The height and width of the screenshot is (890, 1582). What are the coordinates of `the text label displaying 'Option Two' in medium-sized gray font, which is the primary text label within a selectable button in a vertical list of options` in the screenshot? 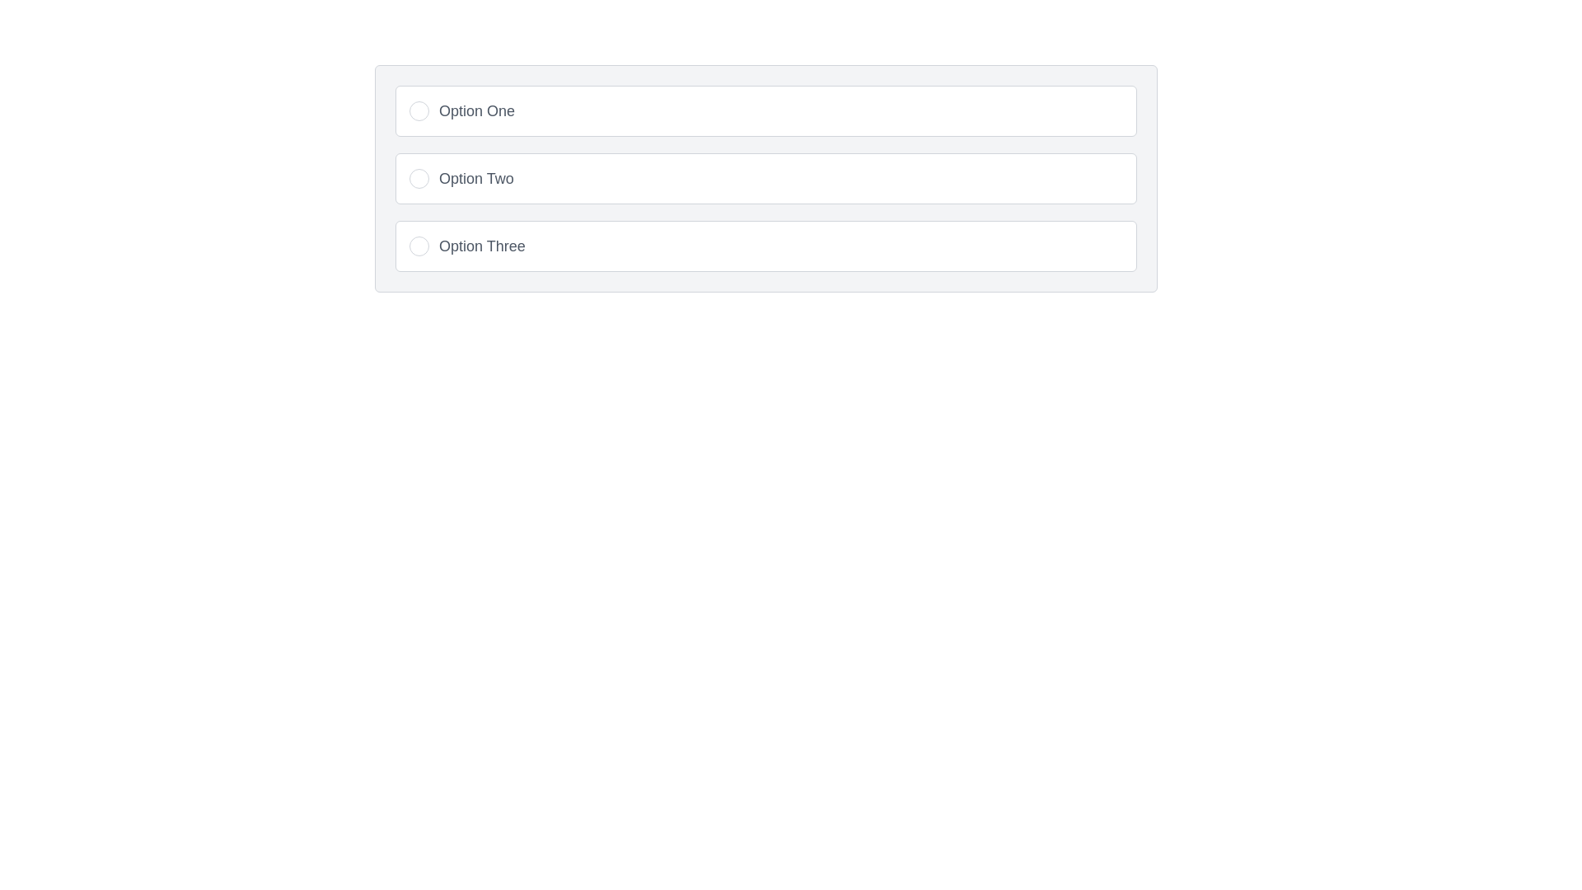 It's located at (475, 178).